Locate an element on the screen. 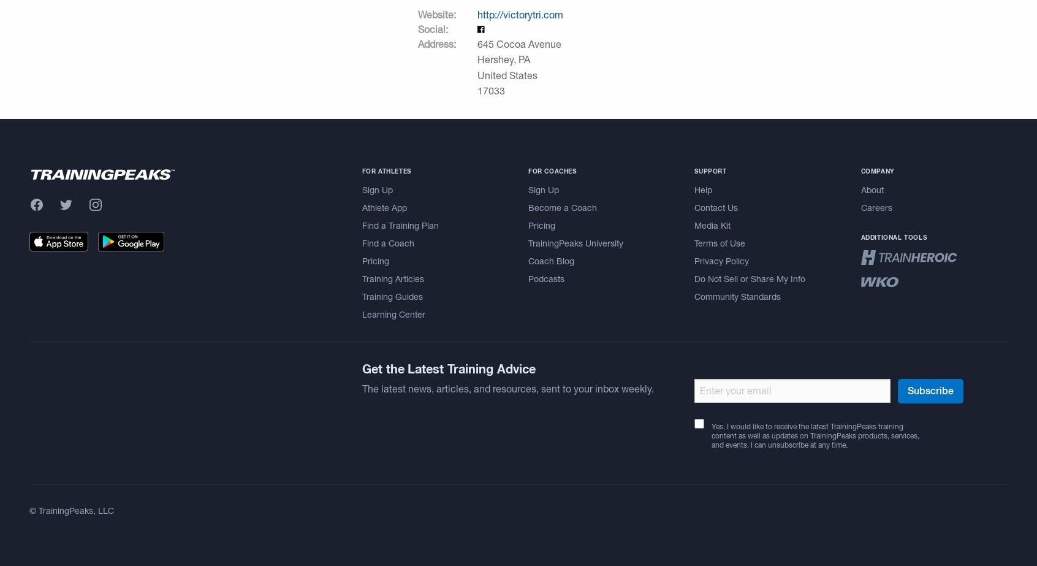 The width and height of the screenshot is (1037, 566). 'Hershey' is located at coordinates (495, 59).